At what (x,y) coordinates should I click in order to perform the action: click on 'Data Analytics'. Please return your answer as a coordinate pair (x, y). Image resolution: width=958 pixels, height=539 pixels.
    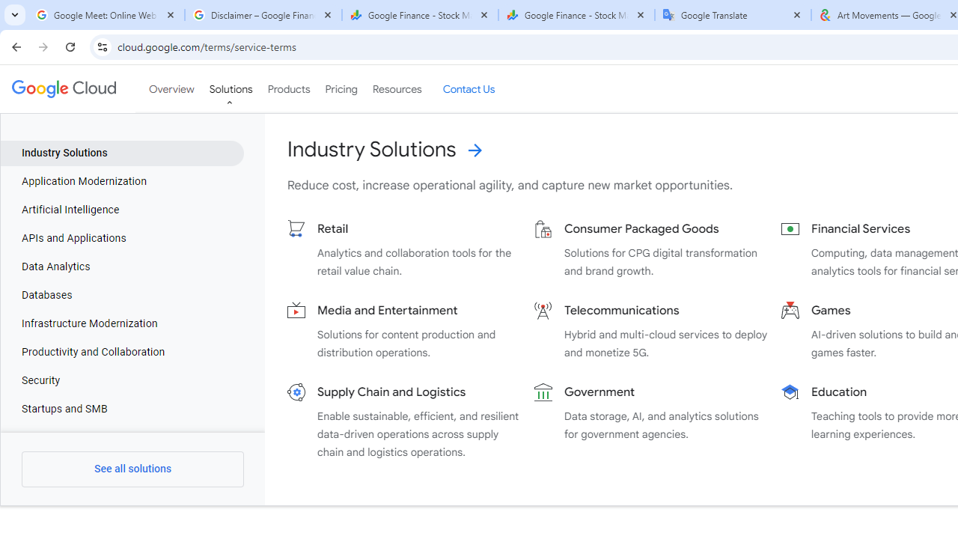
    Looking at the image, I should click on (122, 266).